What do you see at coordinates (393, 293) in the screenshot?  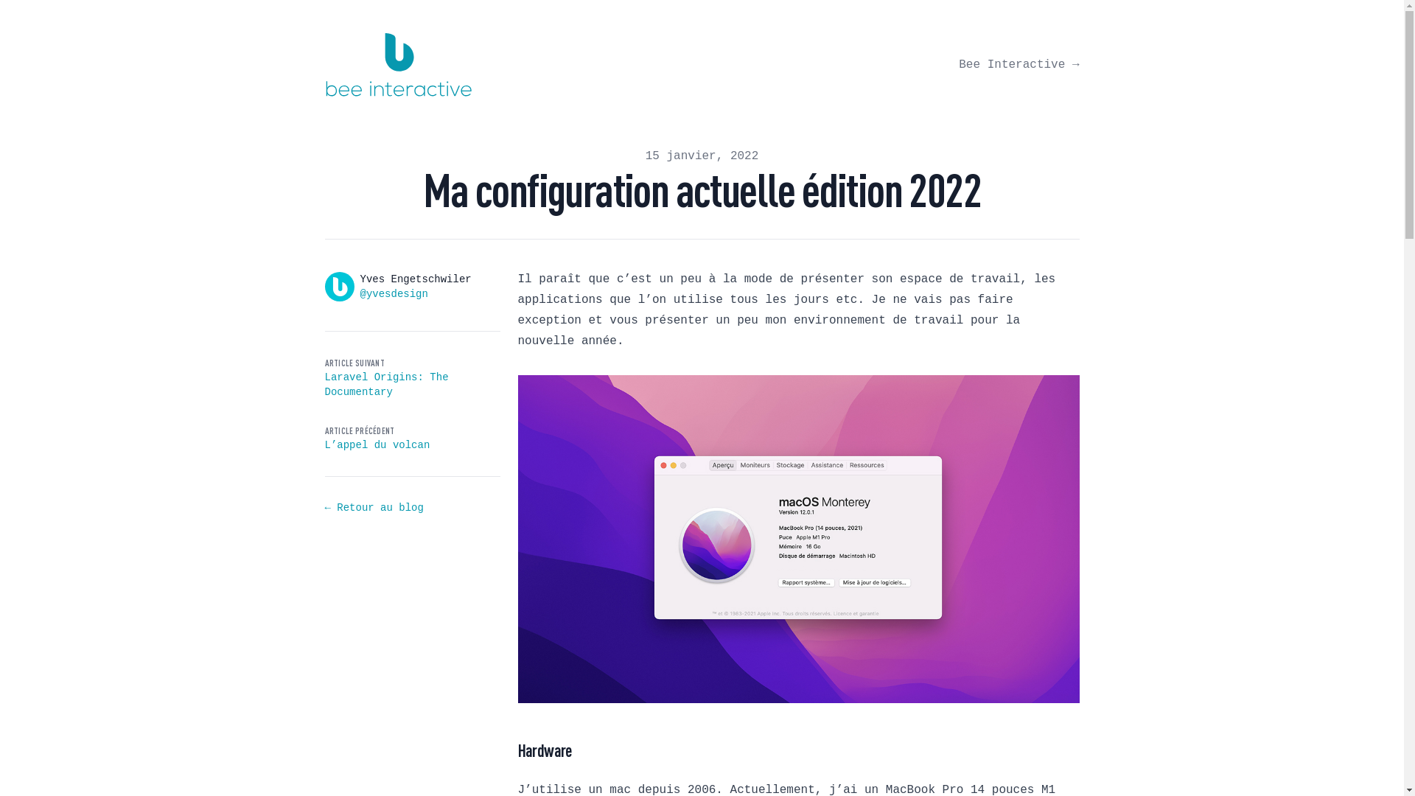 I see `'@yvesdesign'` at bounding box center [393, 293].